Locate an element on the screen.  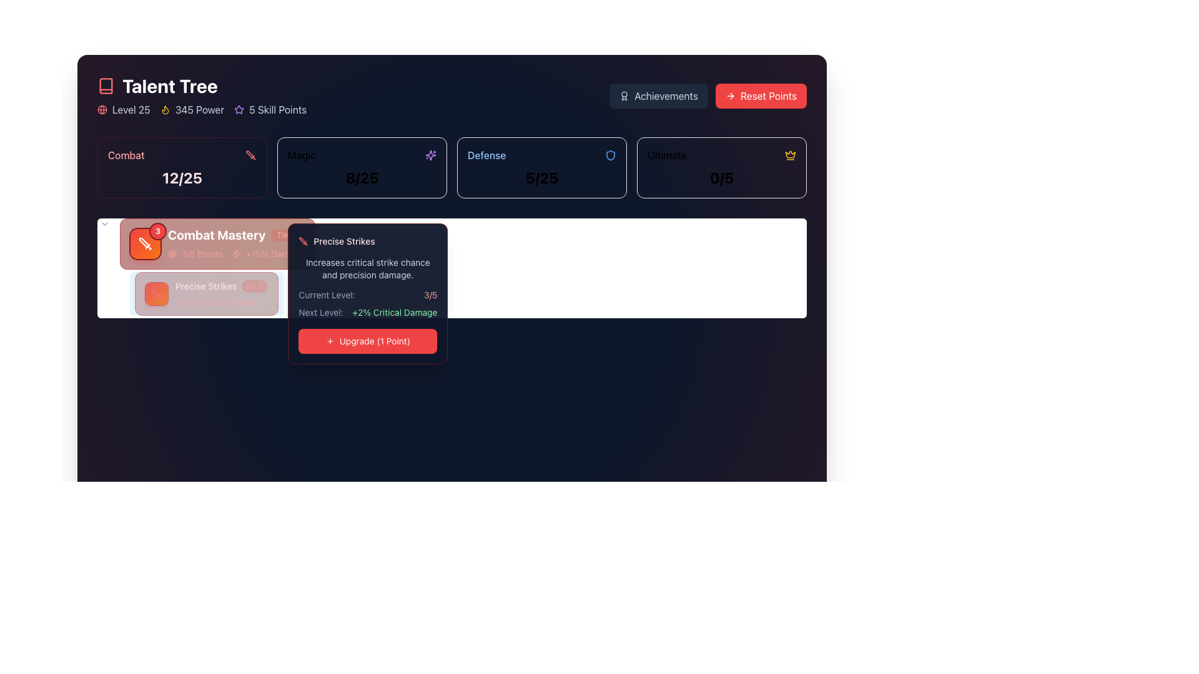
the interactive icon or button located in the 'Magic' section, which serves as an indicator for adding a category to favorites is located at coordinates (402, 199).